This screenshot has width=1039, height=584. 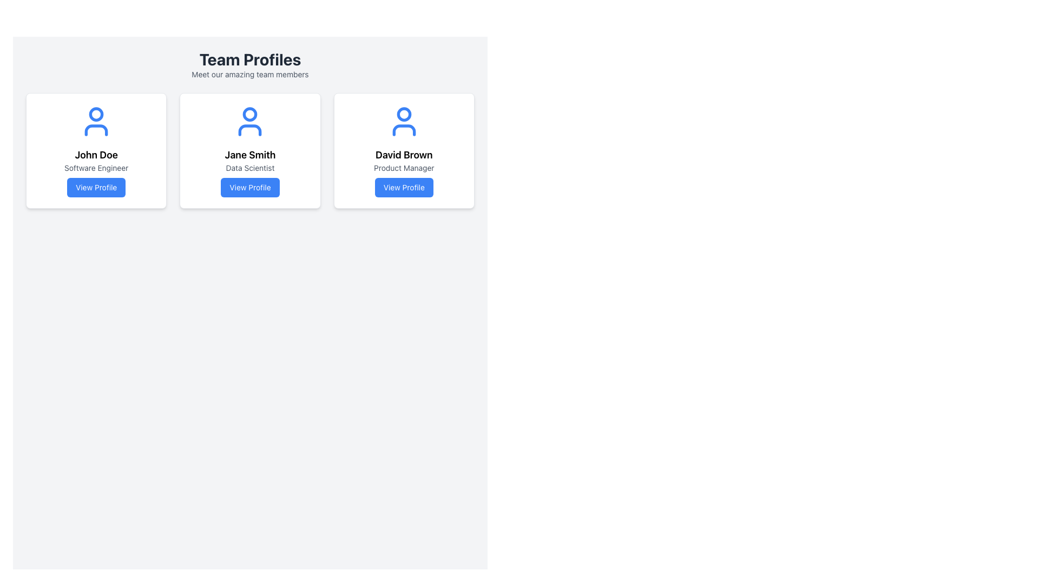 What do you see at coordinates (96, 187) in the screenshot?
I see `the button located at the bottom of the first profile card, which allows navigation to the profile page of 'John Doe'` at bounding box center [96, 187].